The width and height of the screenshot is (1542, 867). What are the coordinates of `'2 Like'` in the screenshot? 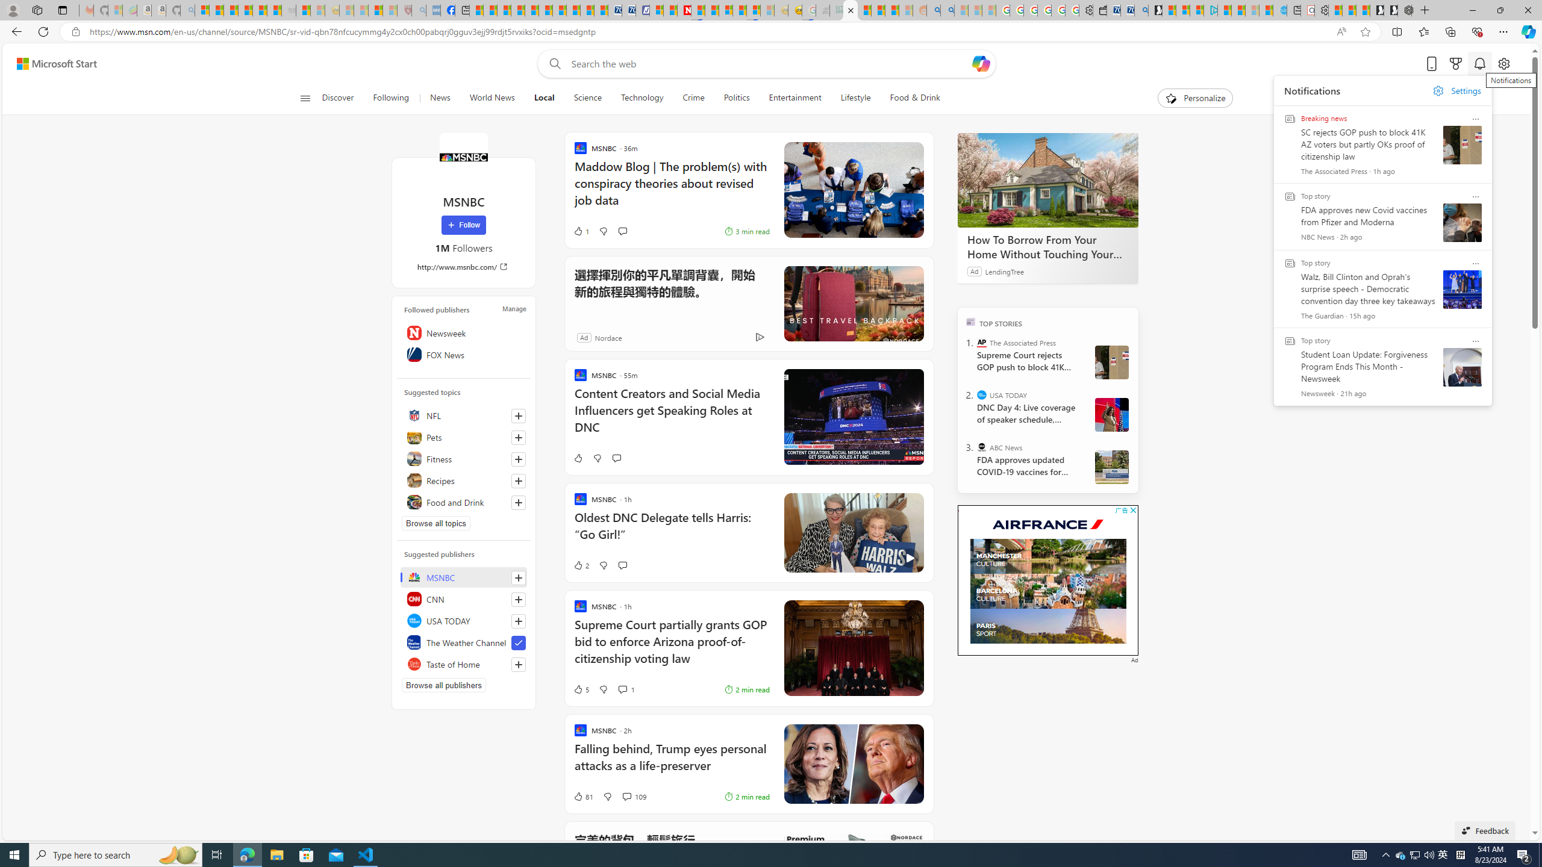 It's located at (579, 565).